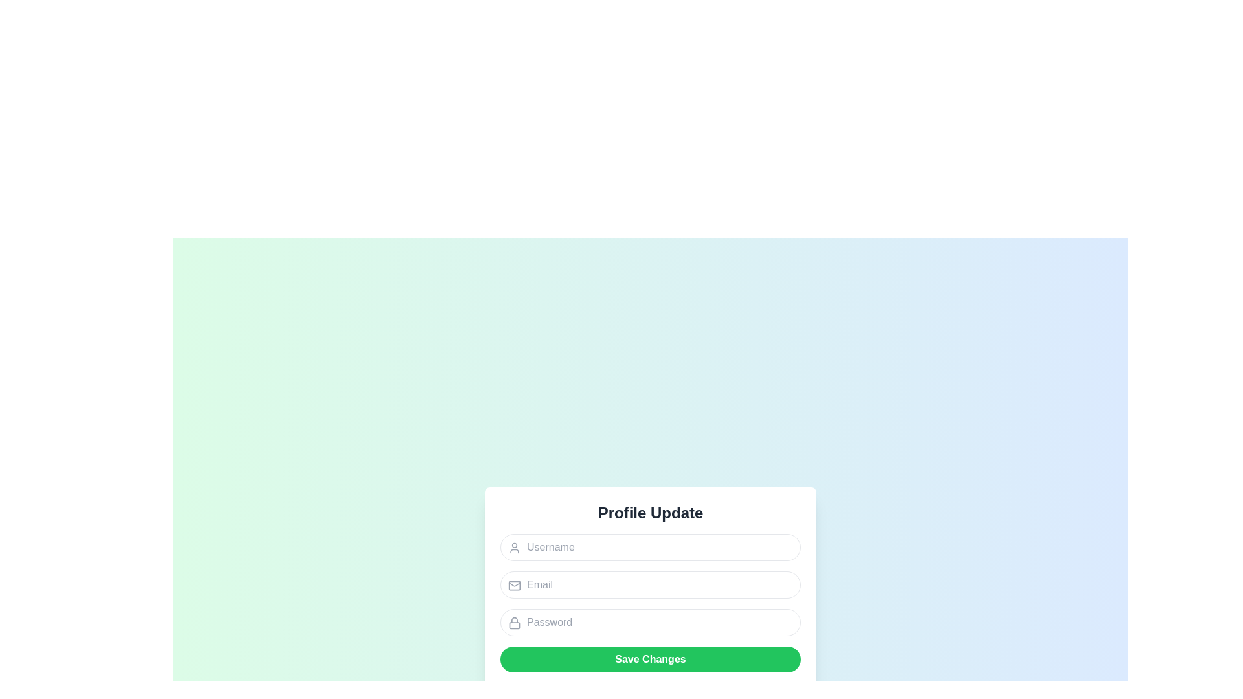 This screenshot has height=699, width=1243. Describe the element at coordinates (514, 625) in the screenshot. I see `the small rectangle with curved corners that forms the body of the lock icon, which is positioned next to the password field under the 'Profile Update' heading` at that location.